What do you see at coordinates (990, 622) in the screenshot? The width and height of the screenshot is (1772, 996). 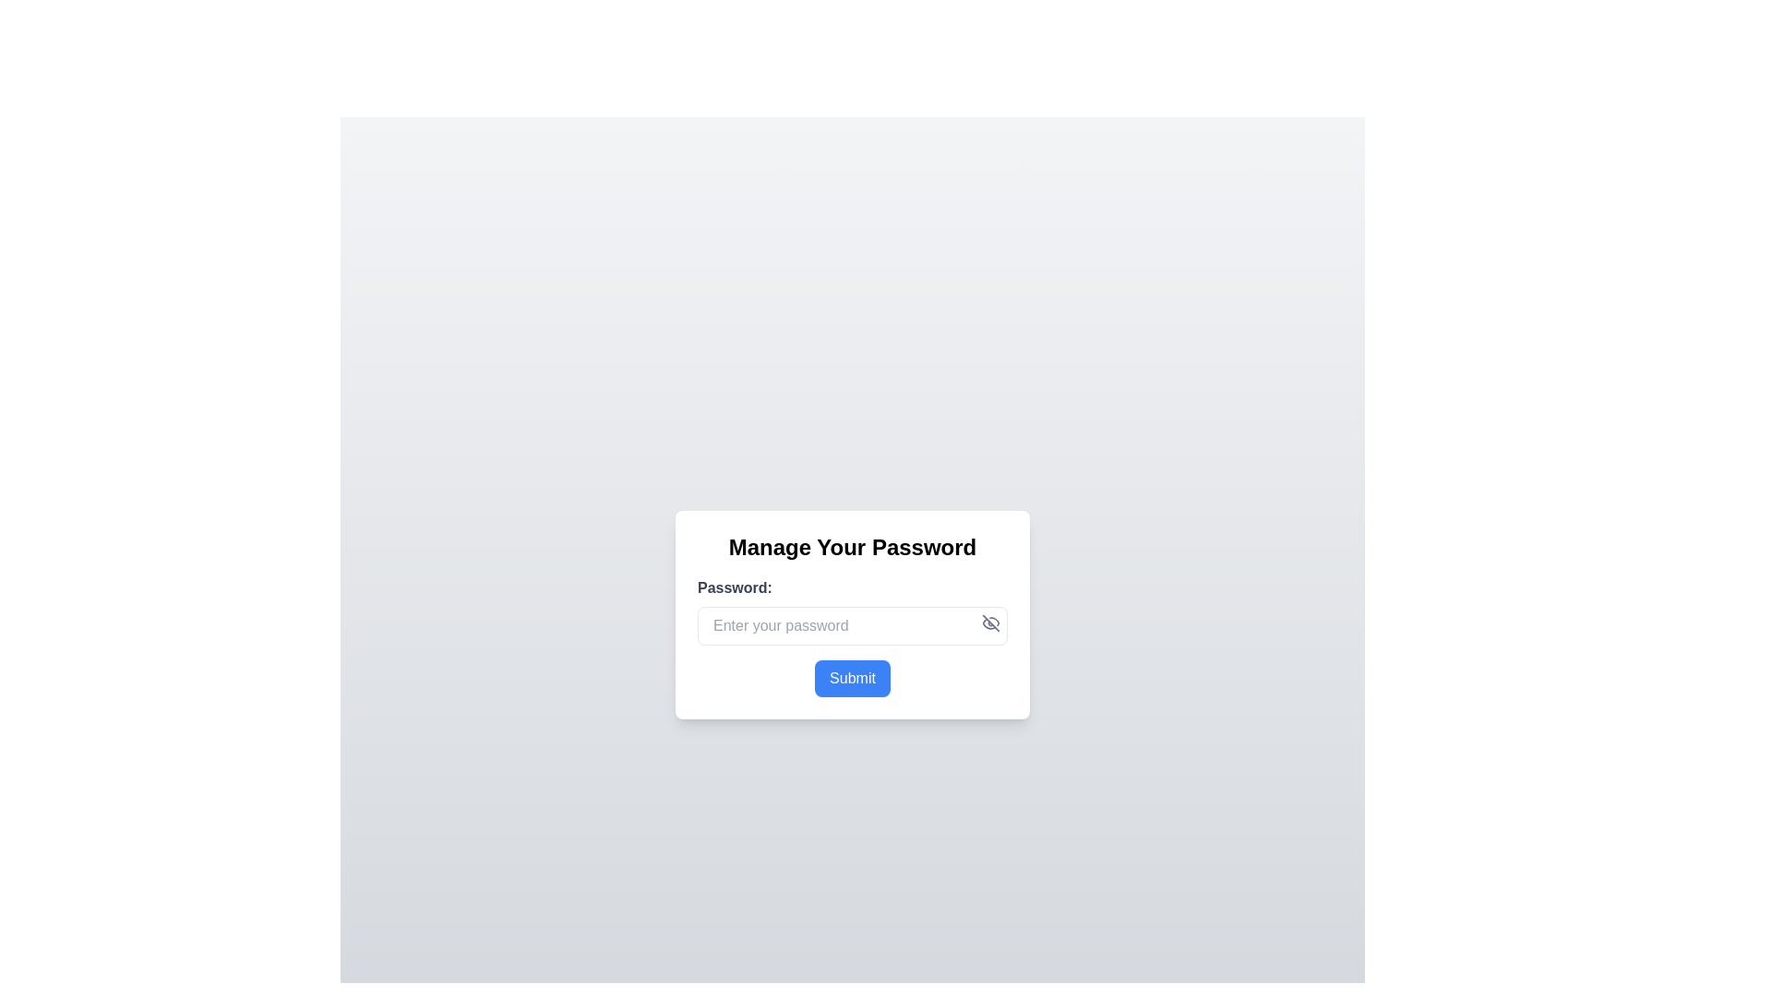 I see `the toggle button located to the top-right of the 'Enter your password' input field` at bounding box center [990, 622].